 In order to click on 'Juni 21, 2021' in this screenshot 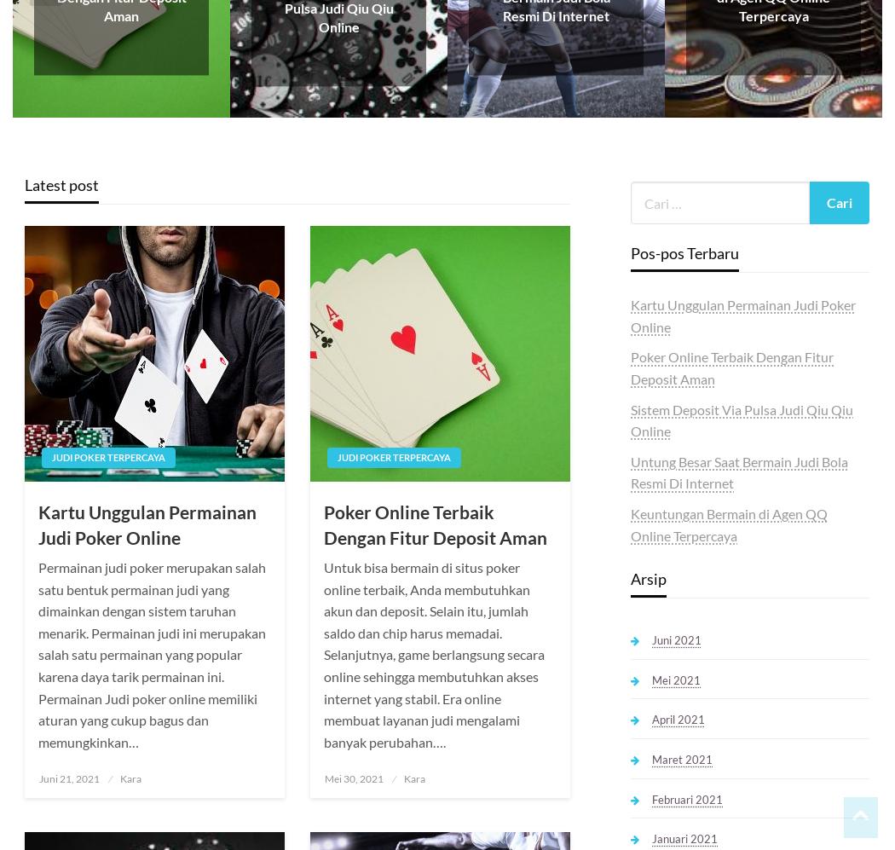, I will do `click(69, 778)`.